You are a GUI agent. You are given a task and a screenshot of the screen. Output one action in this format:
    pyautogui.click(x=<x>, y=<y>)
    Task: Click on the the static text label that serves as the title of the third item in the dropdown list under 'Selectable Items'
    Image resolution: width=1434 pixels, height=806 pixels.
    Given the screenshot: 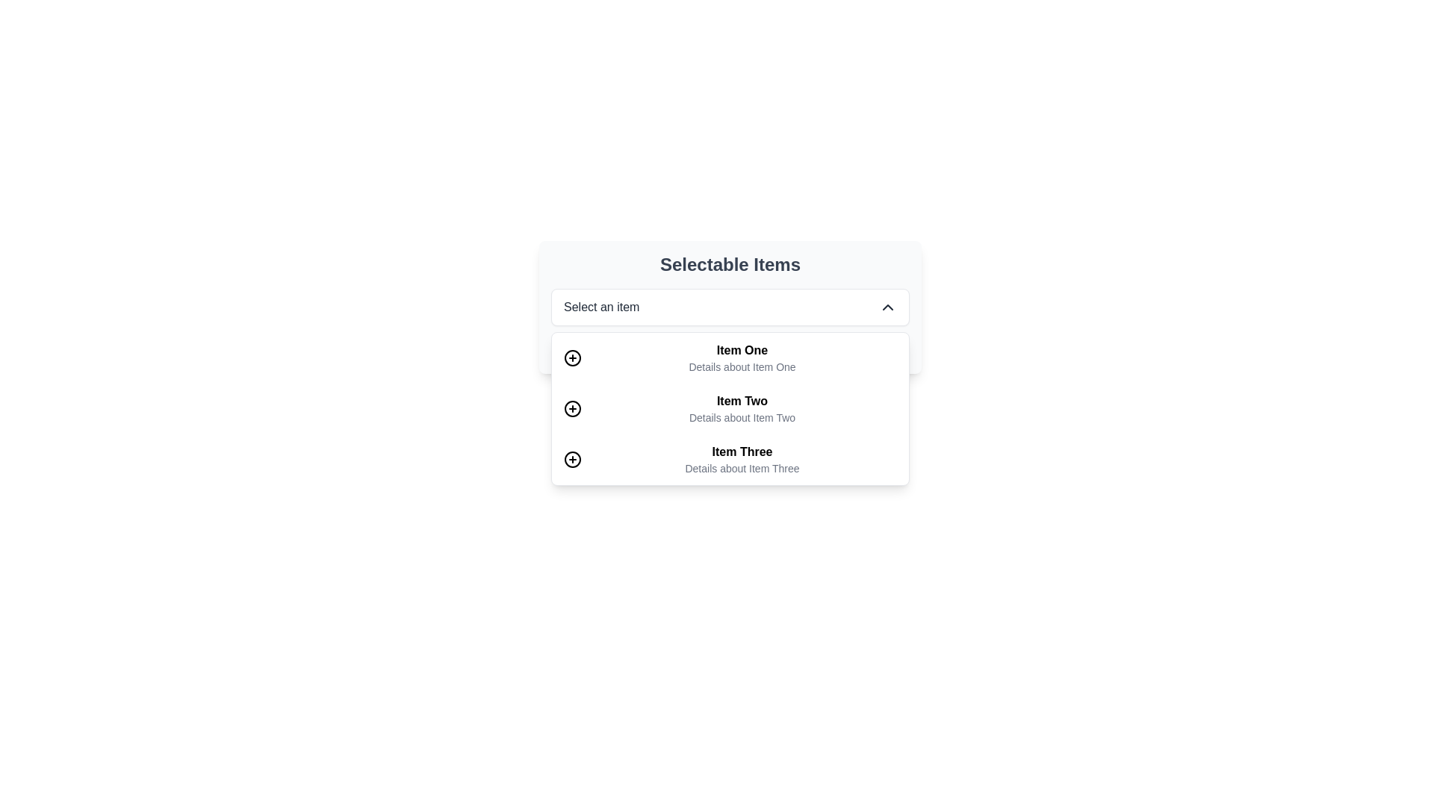 What is the action you would take?
    pyautogui.click(x=742, y=451)
    